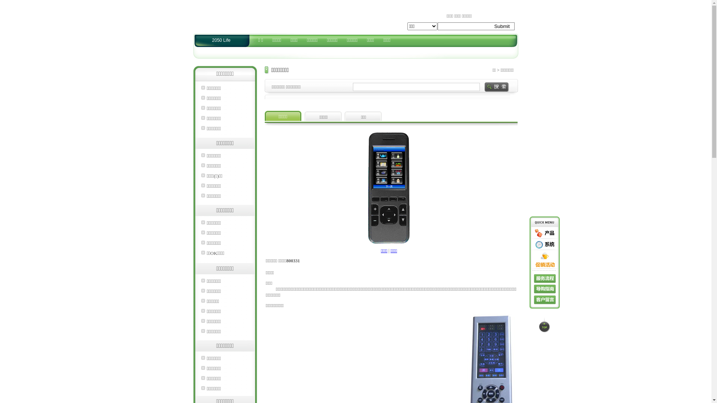 The image size is (717, 403). What do you see at coordinates (221, 40) in the screenshot?
I see `'2050 Life'` at bounding box center [221, 40].